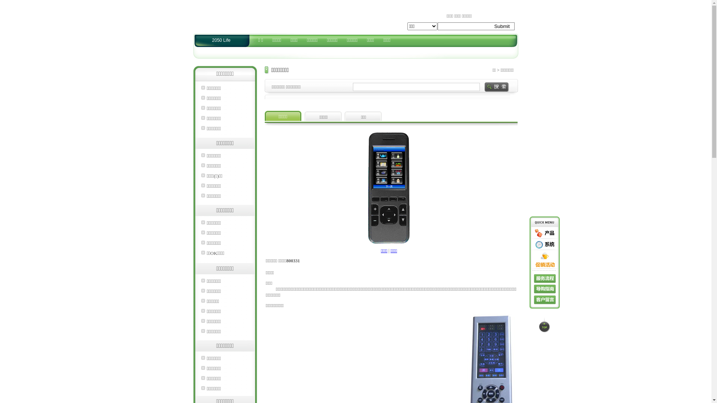 The image size is (717, 403). What do you see at coordinates (221, 40) in the screenshot?
I see `'2050 Life'` at bounding box center [221, 40].